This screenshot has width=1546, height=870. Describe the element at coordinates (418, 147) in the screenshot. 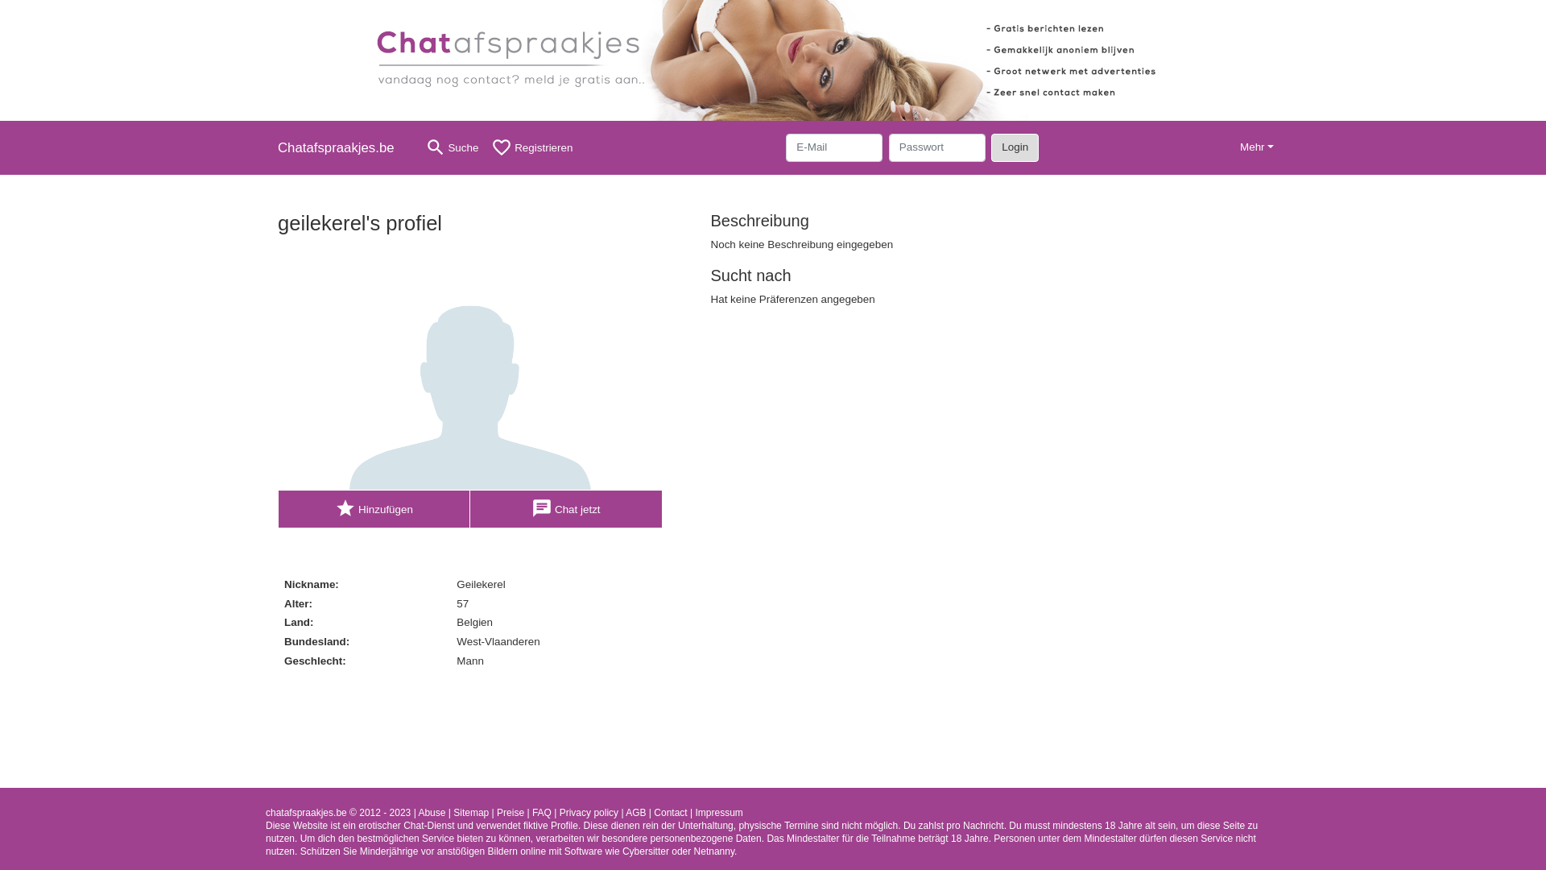

I see `'search` at that location.